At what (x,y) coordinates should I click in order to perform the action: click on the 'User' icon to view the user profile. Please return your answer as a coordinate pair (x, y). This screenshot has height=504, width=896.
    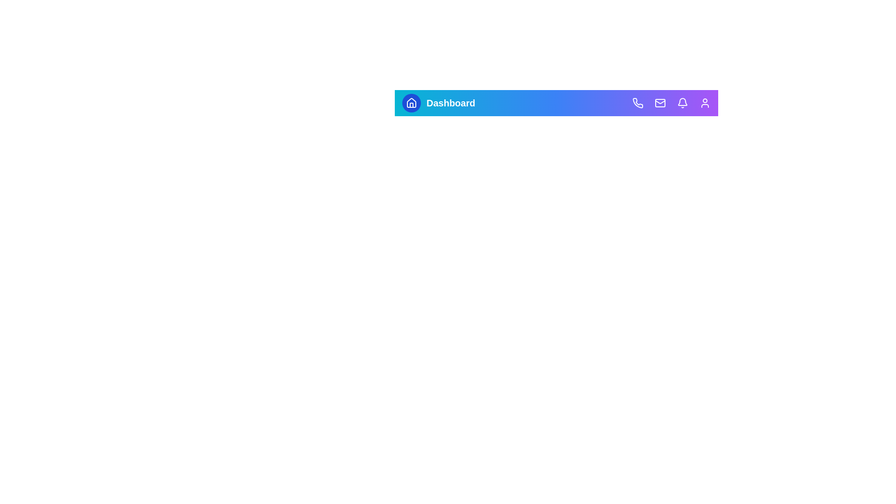
    Looking at the image, I should click on (705, 103).